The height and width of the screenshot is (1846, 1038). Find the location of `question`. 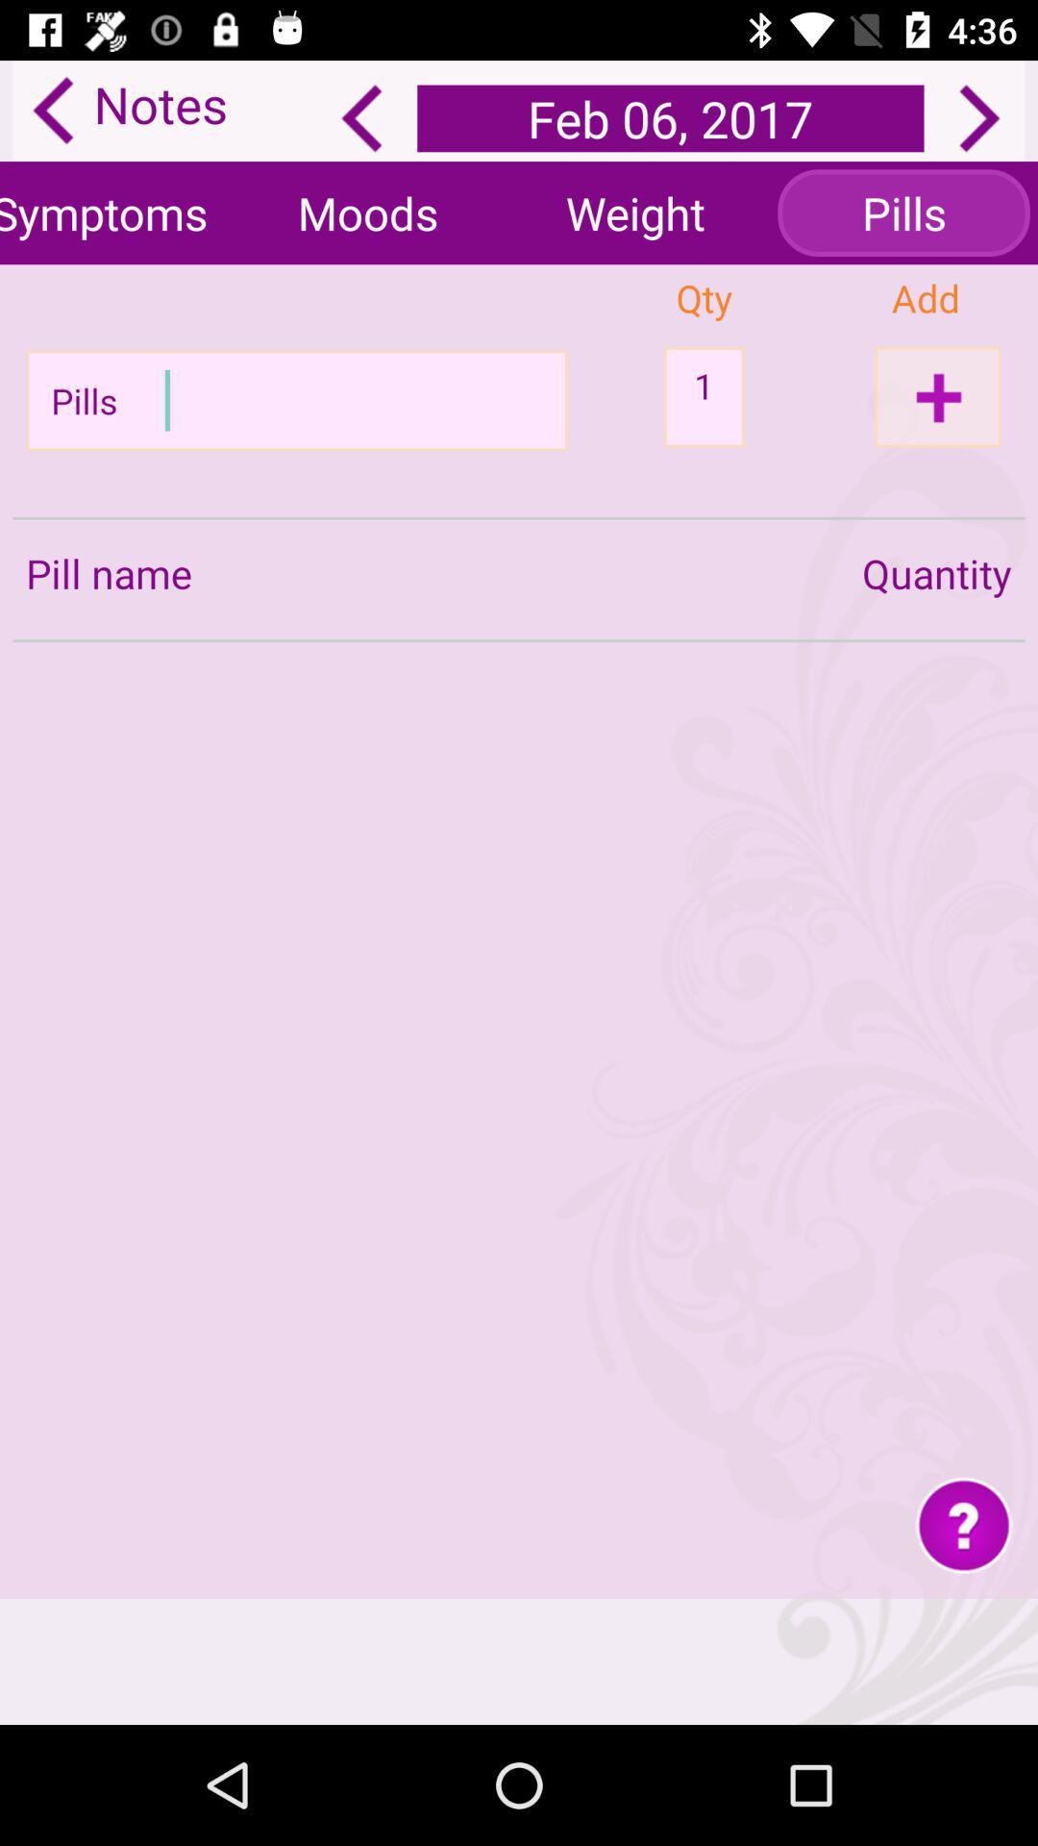

question is located at coordinates (964, 1523).